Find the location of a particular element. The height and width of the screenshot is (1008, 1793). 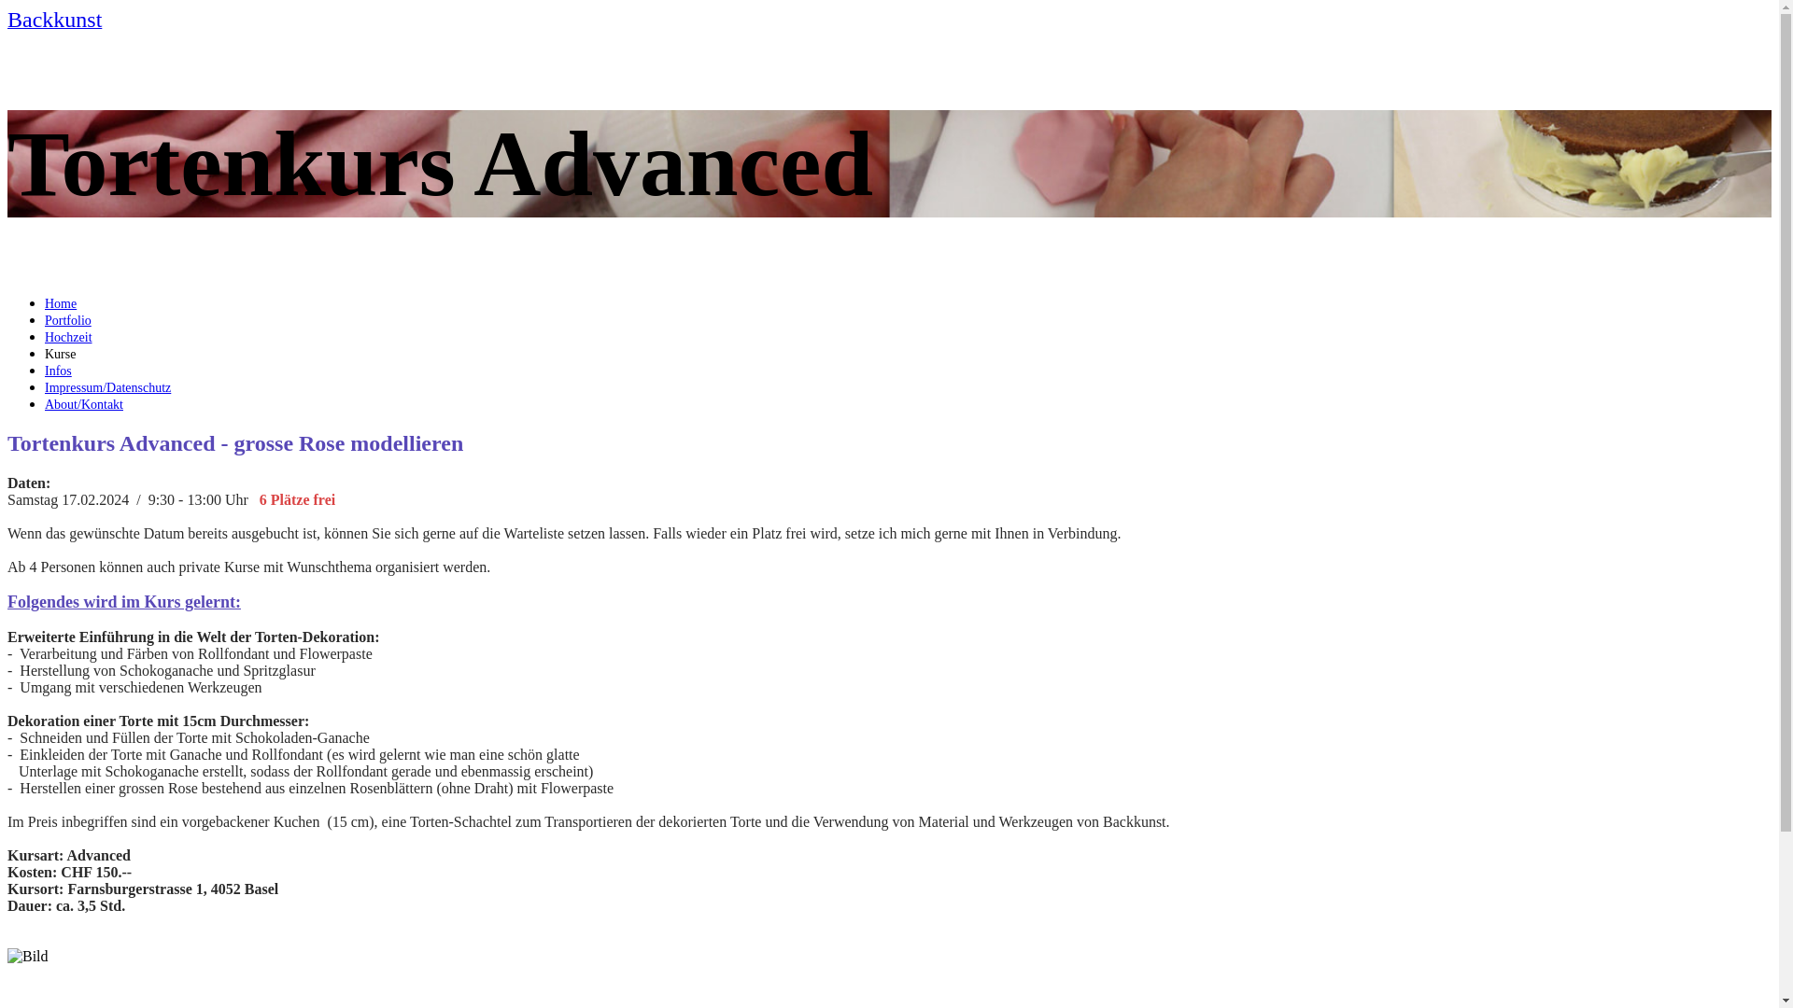

'Infos' is located at coordinates (58, 371).